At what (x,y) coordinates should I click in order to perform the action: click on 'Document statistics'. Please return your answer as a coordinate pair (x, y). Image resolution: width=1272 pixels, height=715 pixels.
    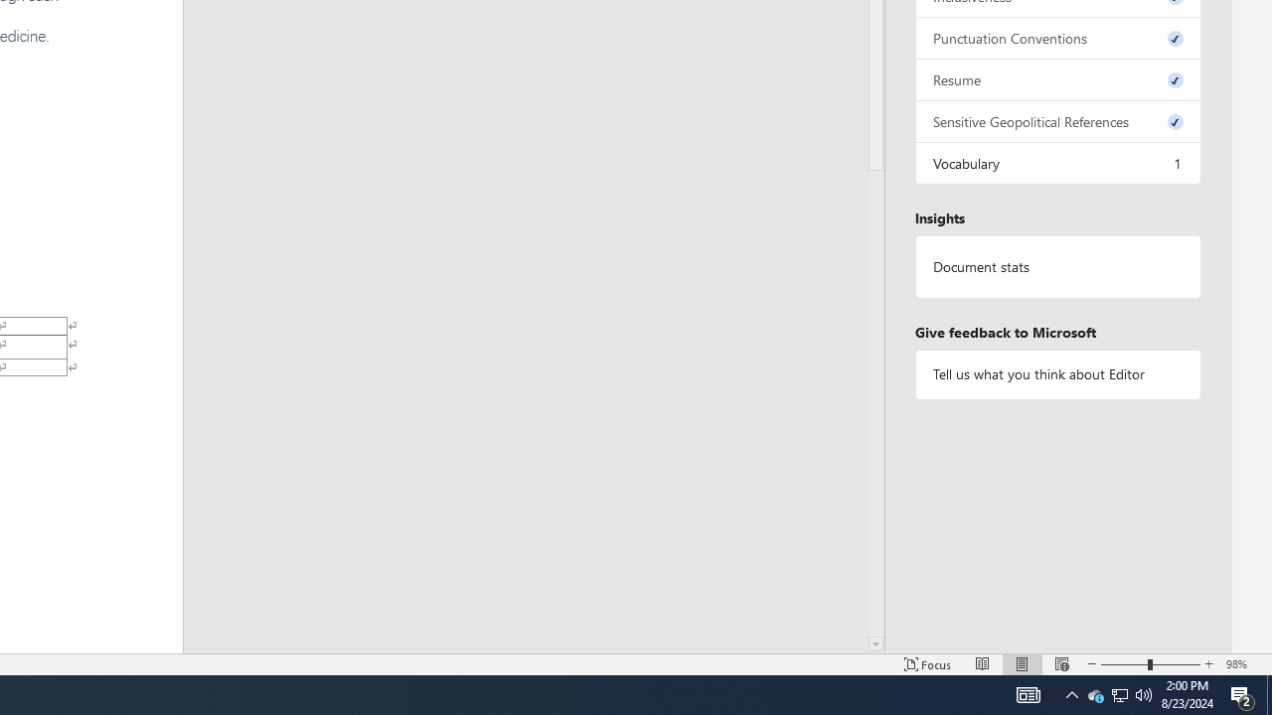
    Looking at the image, I should click on (1056, 266).